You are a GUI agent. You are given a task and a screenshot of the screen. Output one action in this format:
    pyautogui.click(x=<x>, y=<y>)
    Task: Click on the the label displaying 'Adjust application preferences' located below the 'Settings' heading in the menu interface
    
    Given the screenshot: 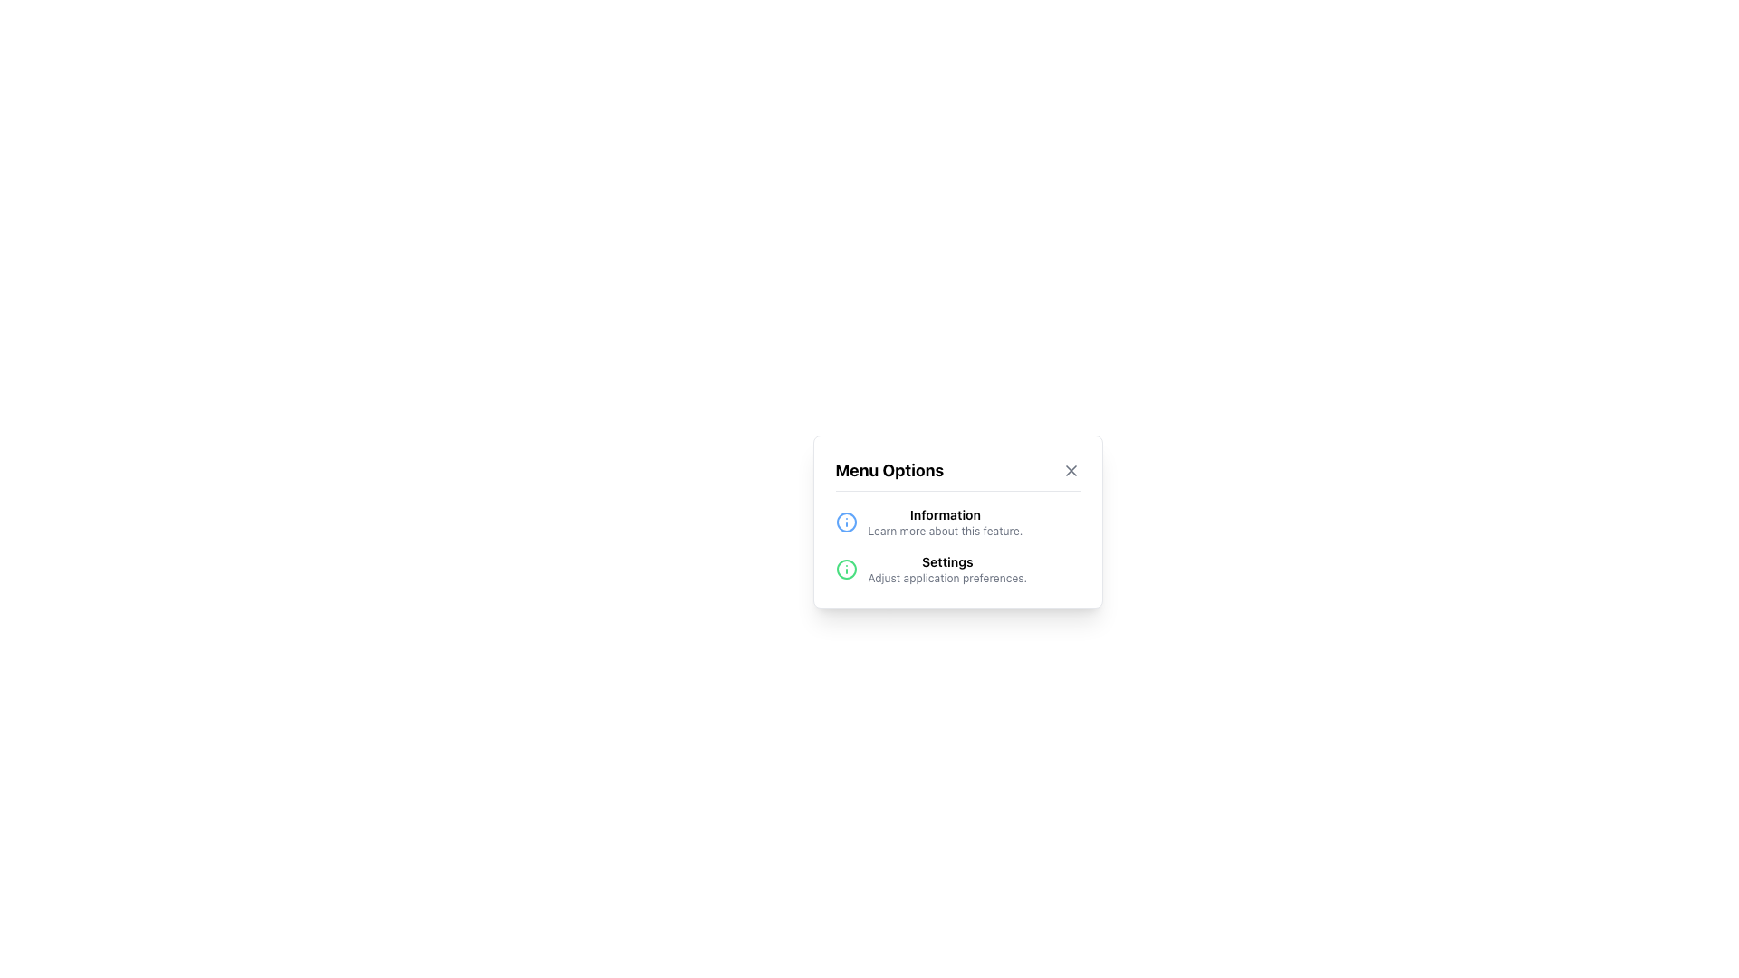 What is the action you would take?
    pyautogui.click(x=946, y=578)
    